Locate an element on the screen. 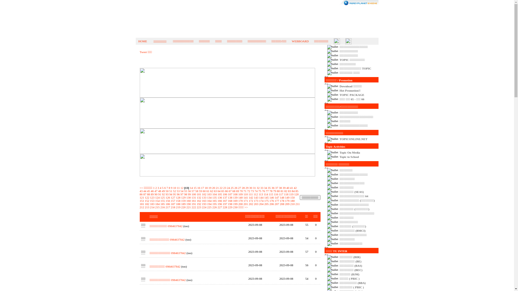 The height and width of the screenshot is (291, 518). '83' is located at coordinates (289, 191).